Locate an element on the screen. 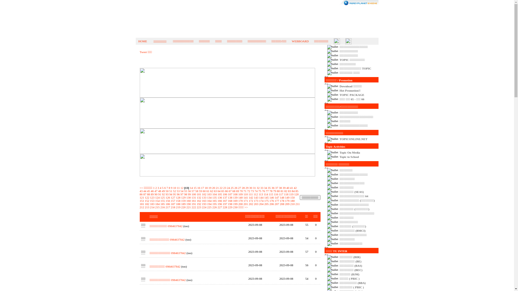 The height and width of the screenshot is (291, 518). '83' is located at coordinates (289, 191).